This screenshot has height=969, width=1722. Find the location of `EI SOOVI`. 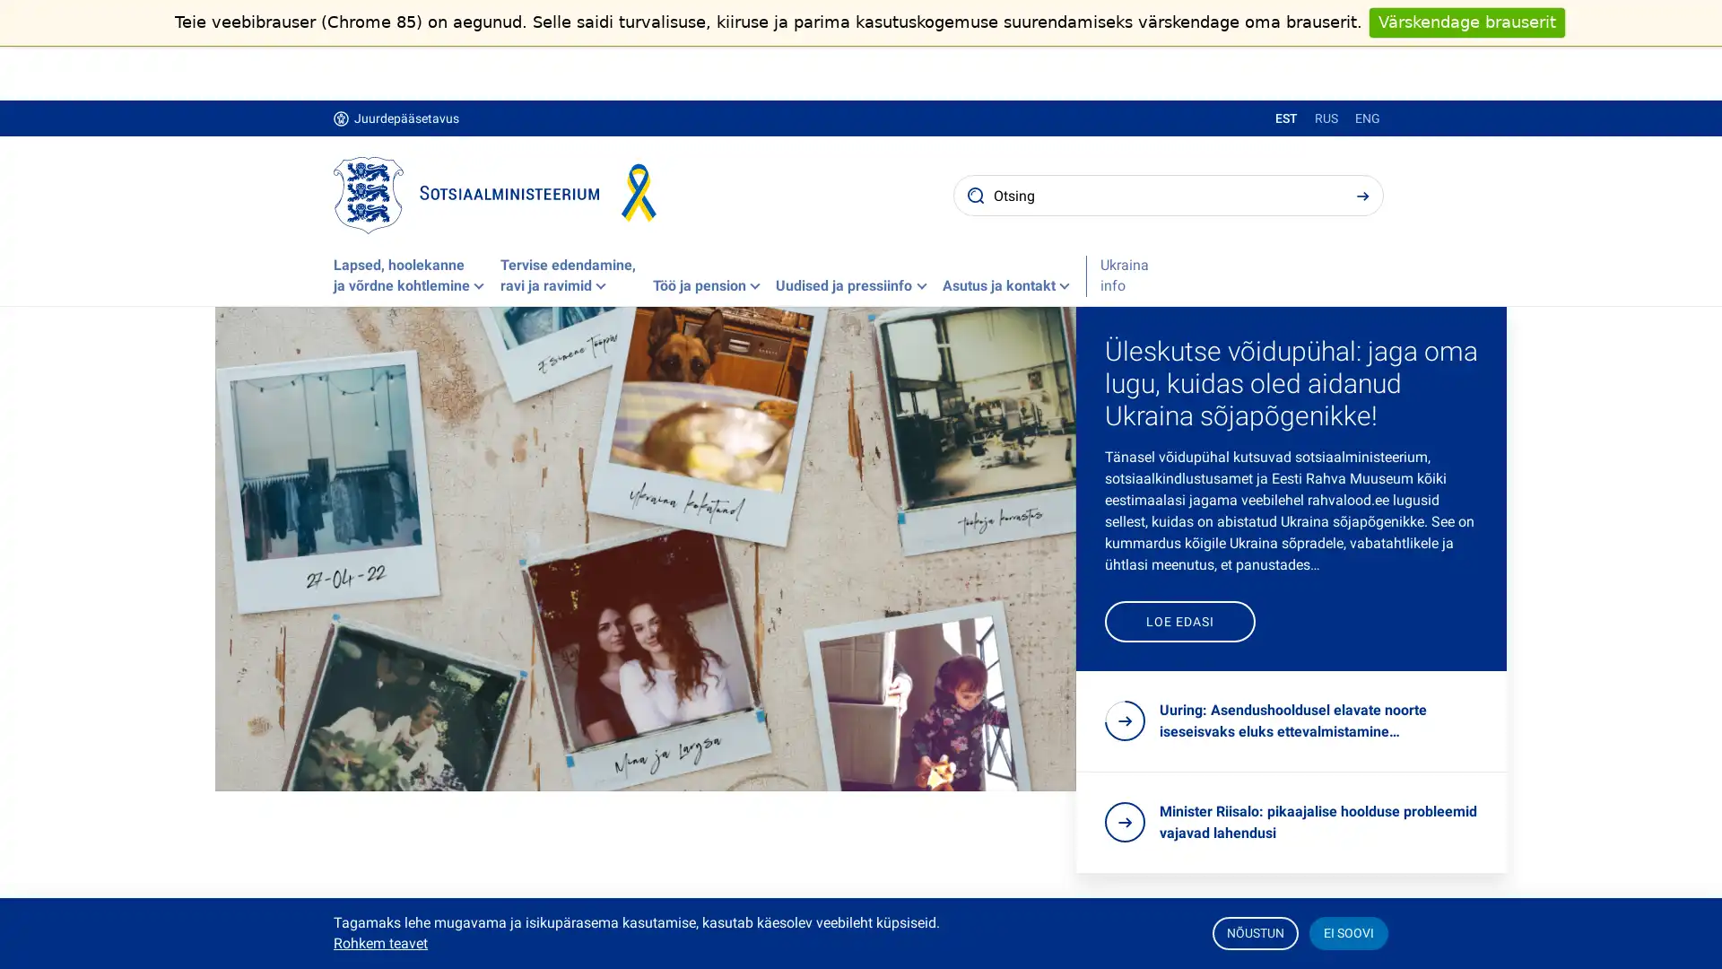

EI SOOVI is located at coordinates (1347, 932).